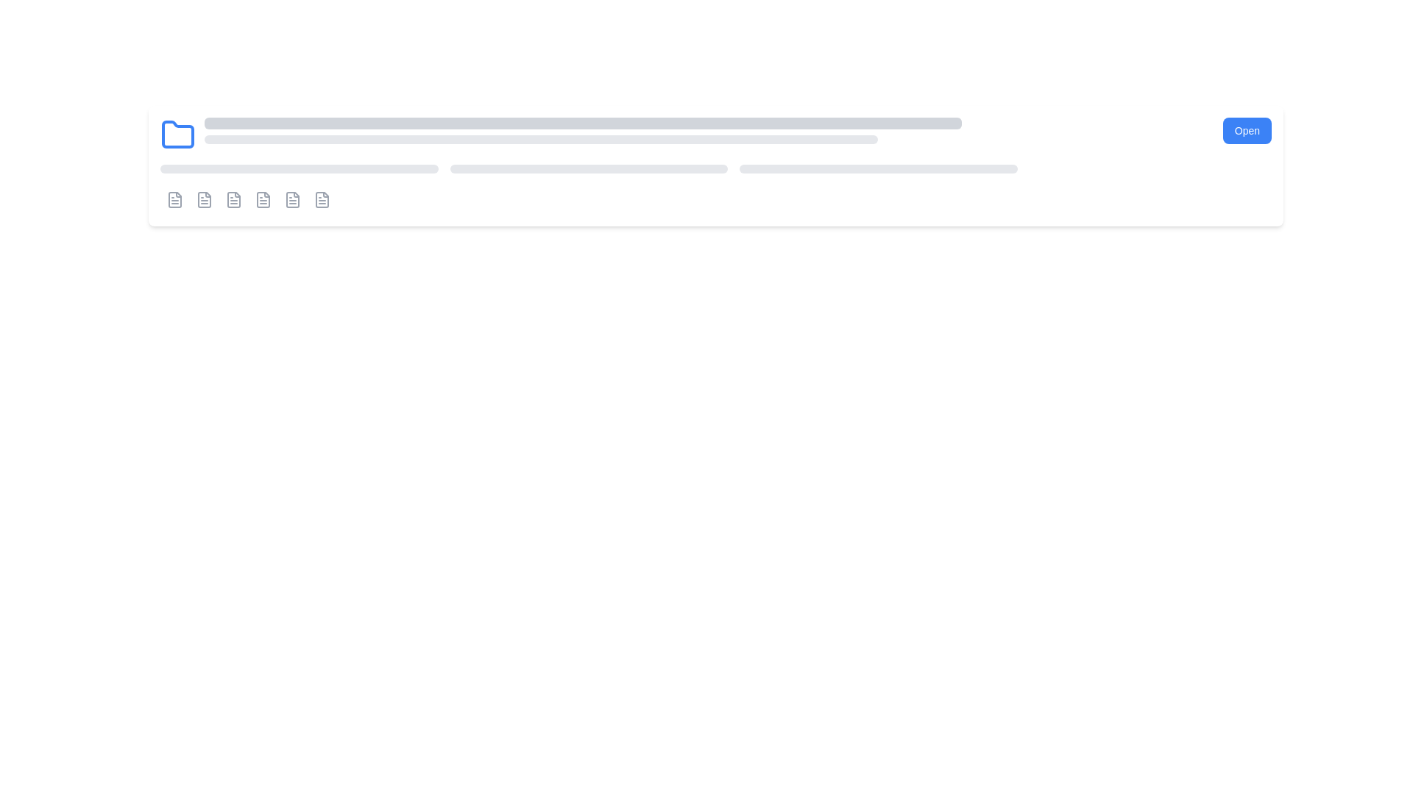 The height and width of the screenshot is (794, 1413). Describe the element at coordinates (175, 200) in the screenshot. I see `the first document icon in a horizontal group of similar icons, which has a rectangular outline with rounded corners and internal horizontal lines` at that location.